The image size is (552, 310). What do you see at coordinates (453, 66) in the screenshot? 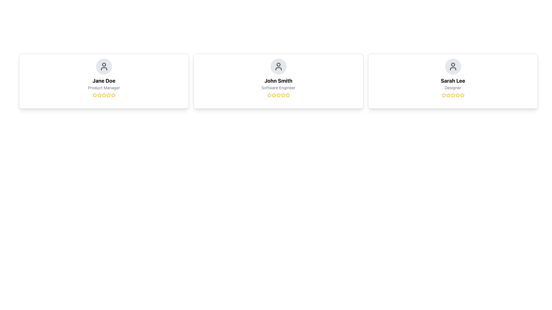
I see `the user icon located at the top center of the third user profile card, which visually represents a generic user and is situated above the labels 'Sarah Lee' and 'Designer'` at bounding box center [453, 66].